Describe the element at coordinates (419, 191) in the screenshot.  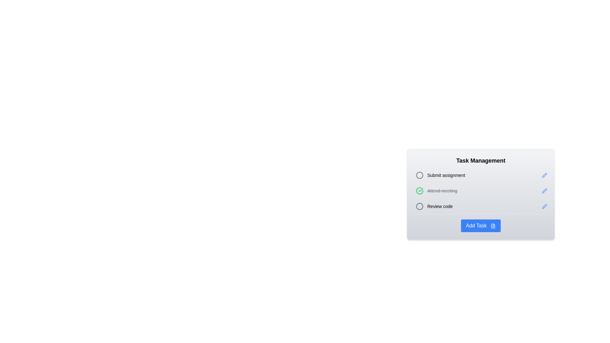
I see `the checkbox for the task 'Attend meeting' located under the 'Task Management' header to potentially view tooltips` at that location.